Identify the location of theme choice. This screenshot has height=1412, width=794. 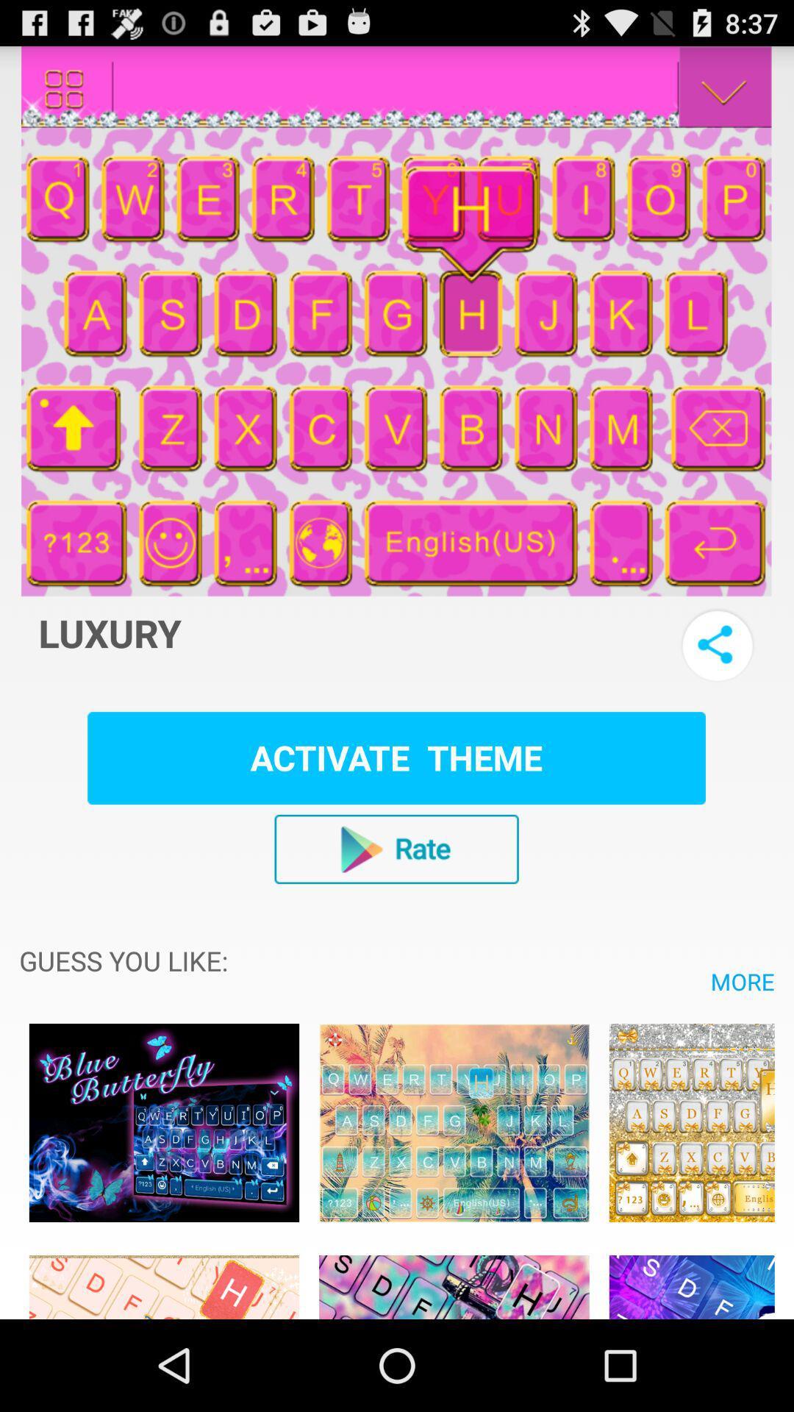
(164, 1278).